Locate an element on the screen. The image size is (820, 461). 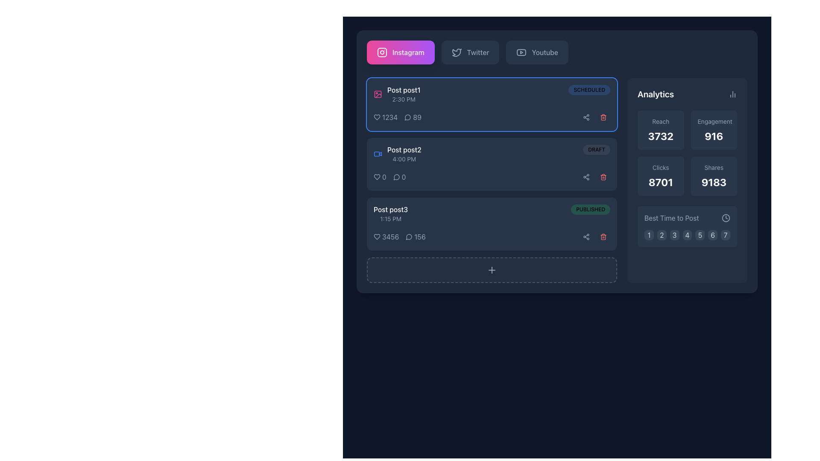
the 'Clicks' Data display card located in the bottom-left quadrant of the statistics grid, specifically the third element in the grid, positioned in the first column and second row is located at coordinates (660, 175).